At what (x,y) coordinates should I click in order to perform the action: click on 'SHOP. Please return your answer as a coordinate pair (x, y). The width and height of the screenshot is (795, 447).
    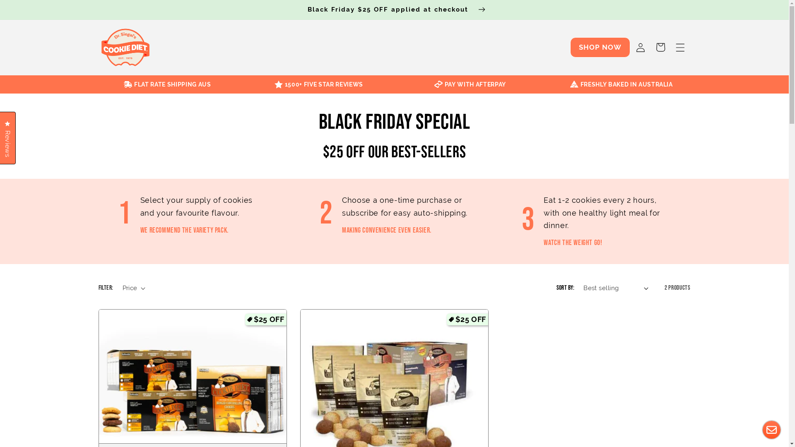
    Looking at the image, I should click on (570, 47).